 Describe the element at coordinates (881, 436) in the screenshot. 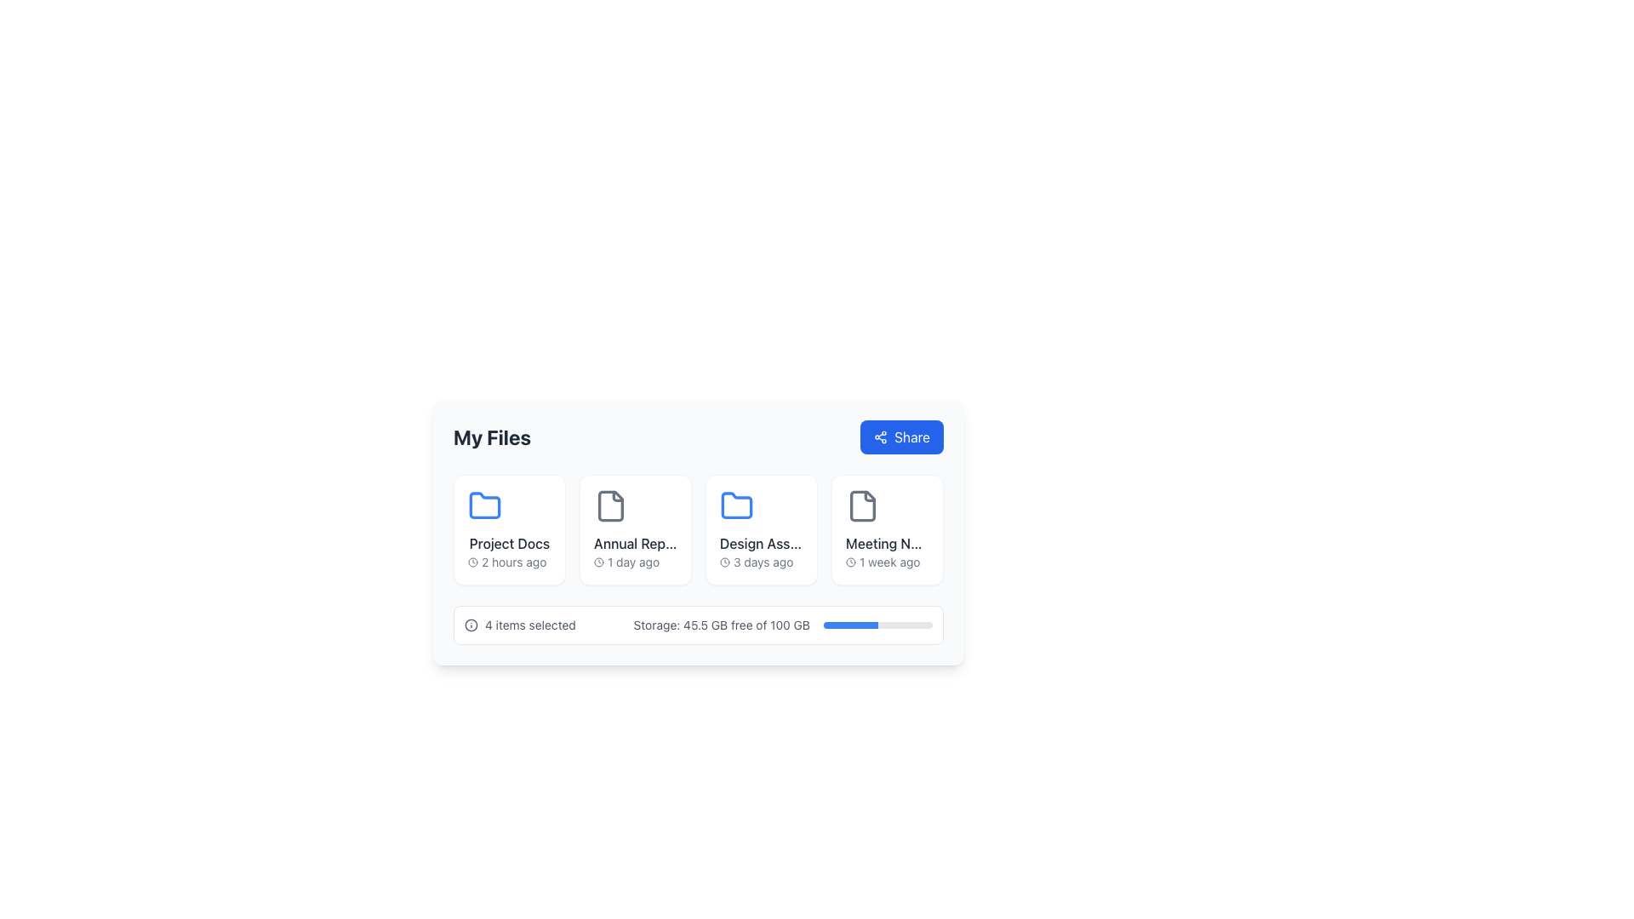

I see `the sharing icon located inside the 'Share' button at the top right of the 'My Files' section` at that location.